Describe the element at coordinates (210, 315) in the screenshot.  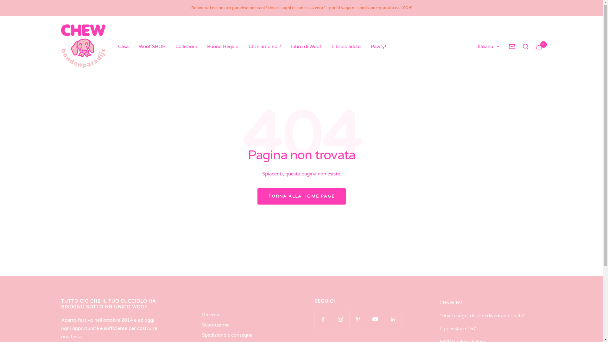
I see `'Ricerca'` at that location.